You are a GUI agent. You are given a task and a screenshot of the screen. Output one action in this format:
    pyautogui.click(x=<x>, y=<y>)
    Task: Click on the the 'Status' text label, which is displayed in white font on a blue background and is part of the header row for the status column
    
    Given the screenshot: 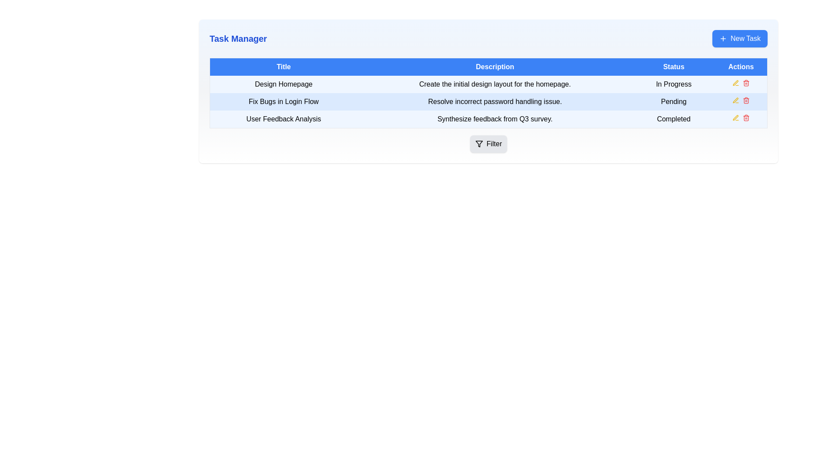 What is the action you would take?
    pyautogui.click(x=673, y=66)
    